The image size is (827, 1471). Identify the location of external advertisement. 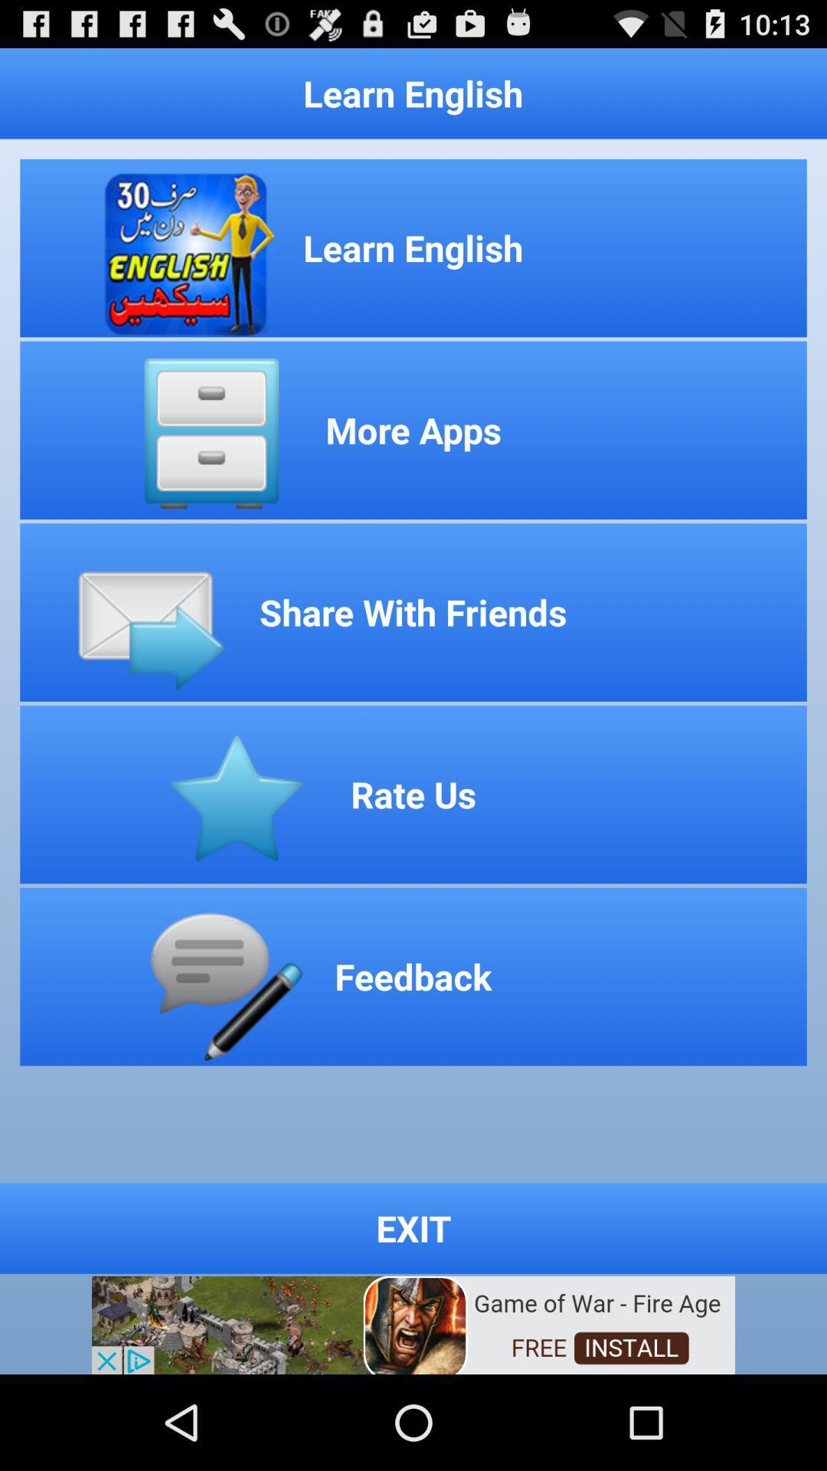
(413, 1323).